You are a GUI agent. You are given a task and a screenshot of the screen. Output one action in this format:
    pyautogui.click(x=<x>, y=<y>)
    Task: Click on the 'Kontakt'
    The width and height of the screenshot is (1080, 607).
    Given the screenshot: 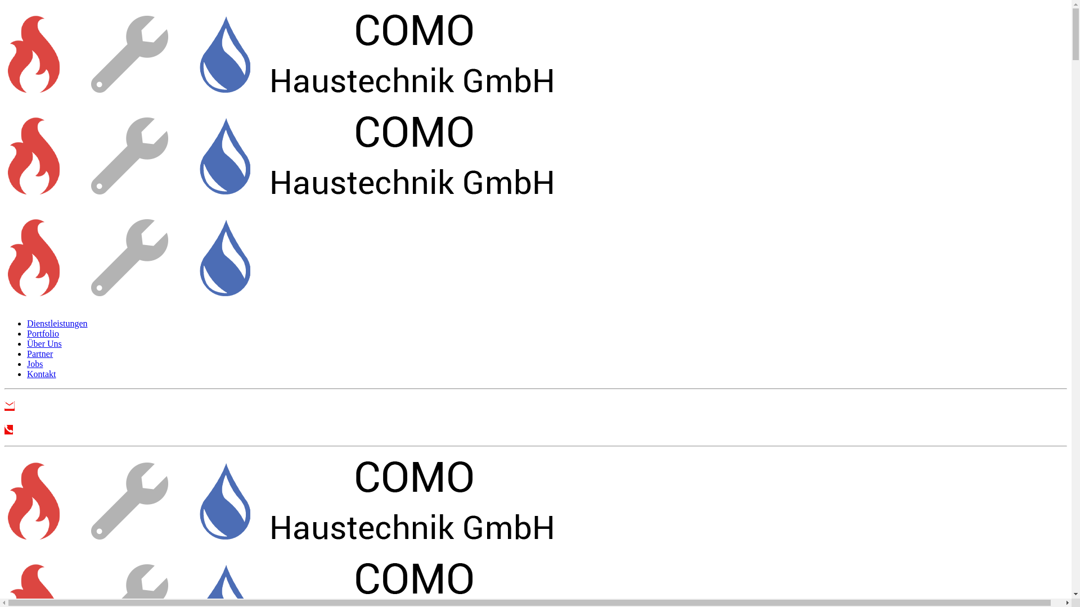 What is the action you would take?
    pyautogui.click(x=41, y=374)
    